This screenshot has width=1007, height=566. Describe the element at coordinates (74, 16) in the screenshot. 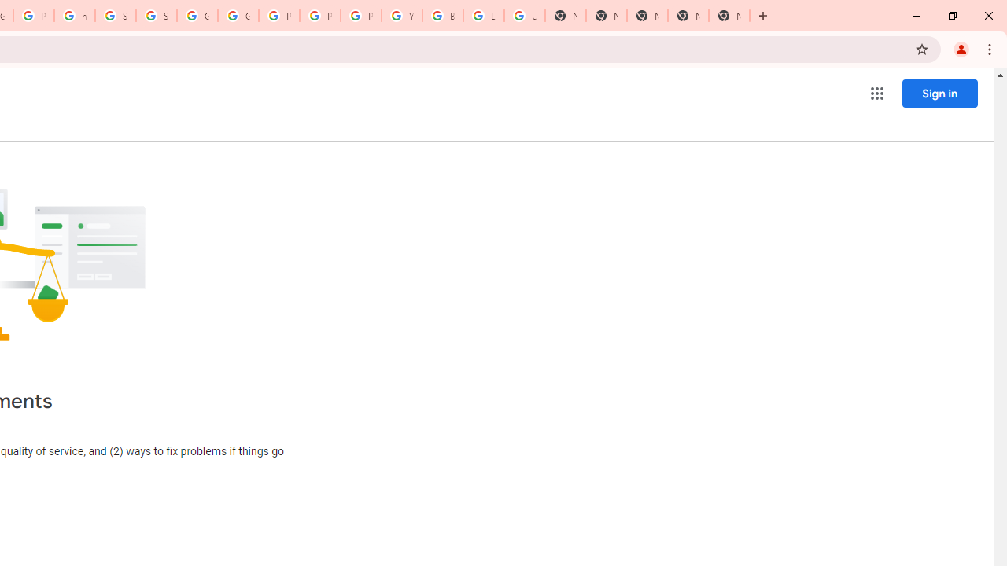

I see `'https://scholar.google.com/'` at that location.